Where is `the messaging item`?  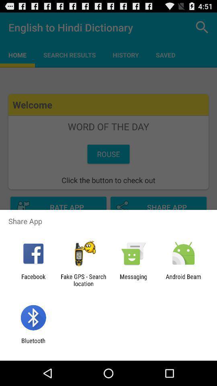 the messaging item is located at coordinates (133, 280).